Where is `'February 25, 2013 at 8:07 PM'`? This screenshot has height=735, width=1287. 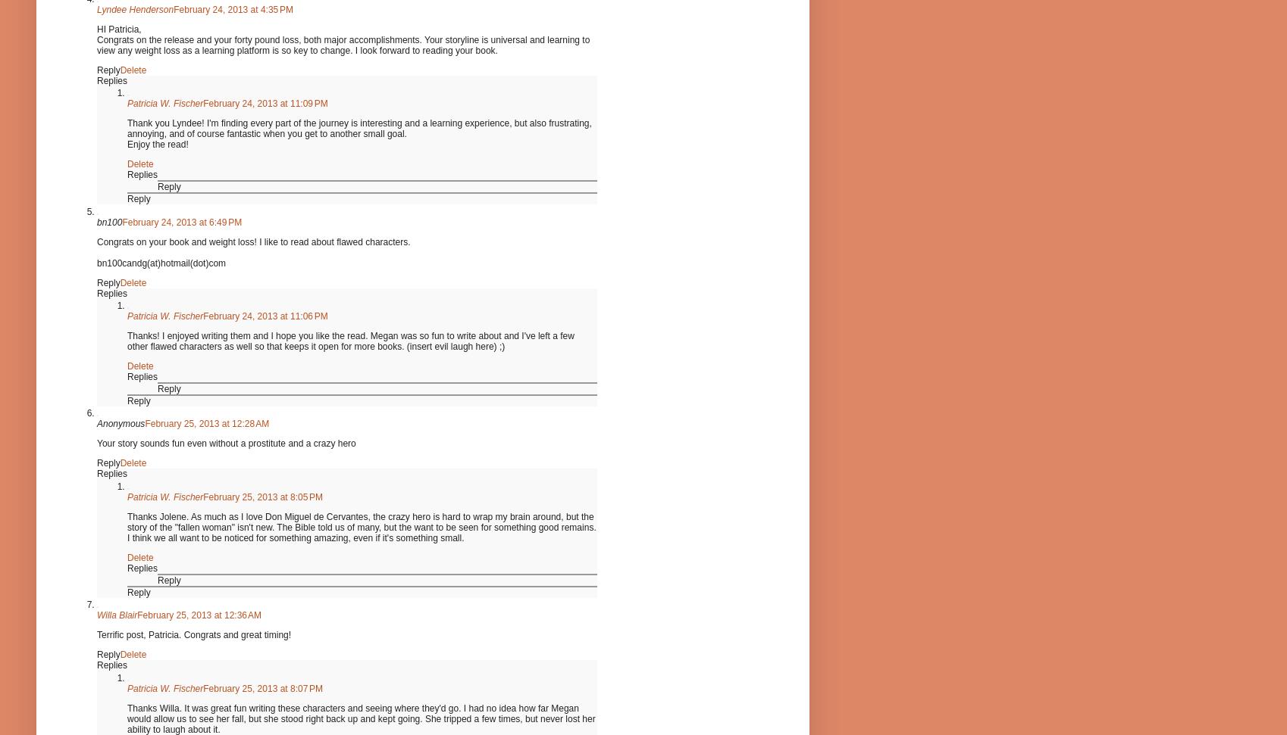 'February 25, 2013 at 8:07 PM' is located at coordinates (263, 687).